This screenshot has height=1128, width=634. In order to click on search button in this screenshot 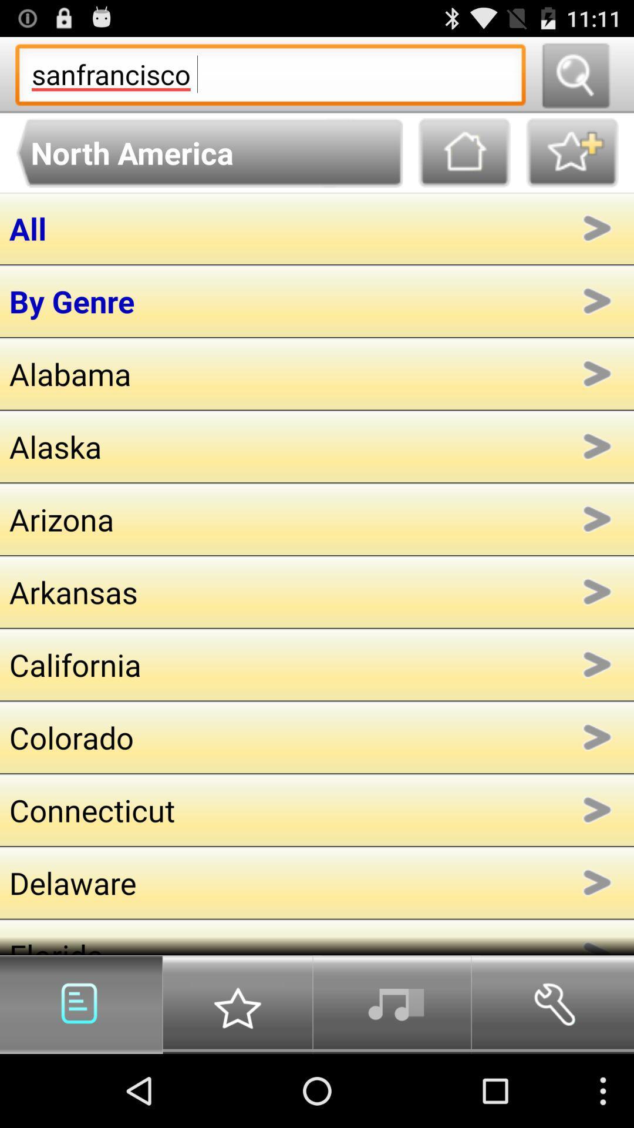, I will do `click(575, 74)`.